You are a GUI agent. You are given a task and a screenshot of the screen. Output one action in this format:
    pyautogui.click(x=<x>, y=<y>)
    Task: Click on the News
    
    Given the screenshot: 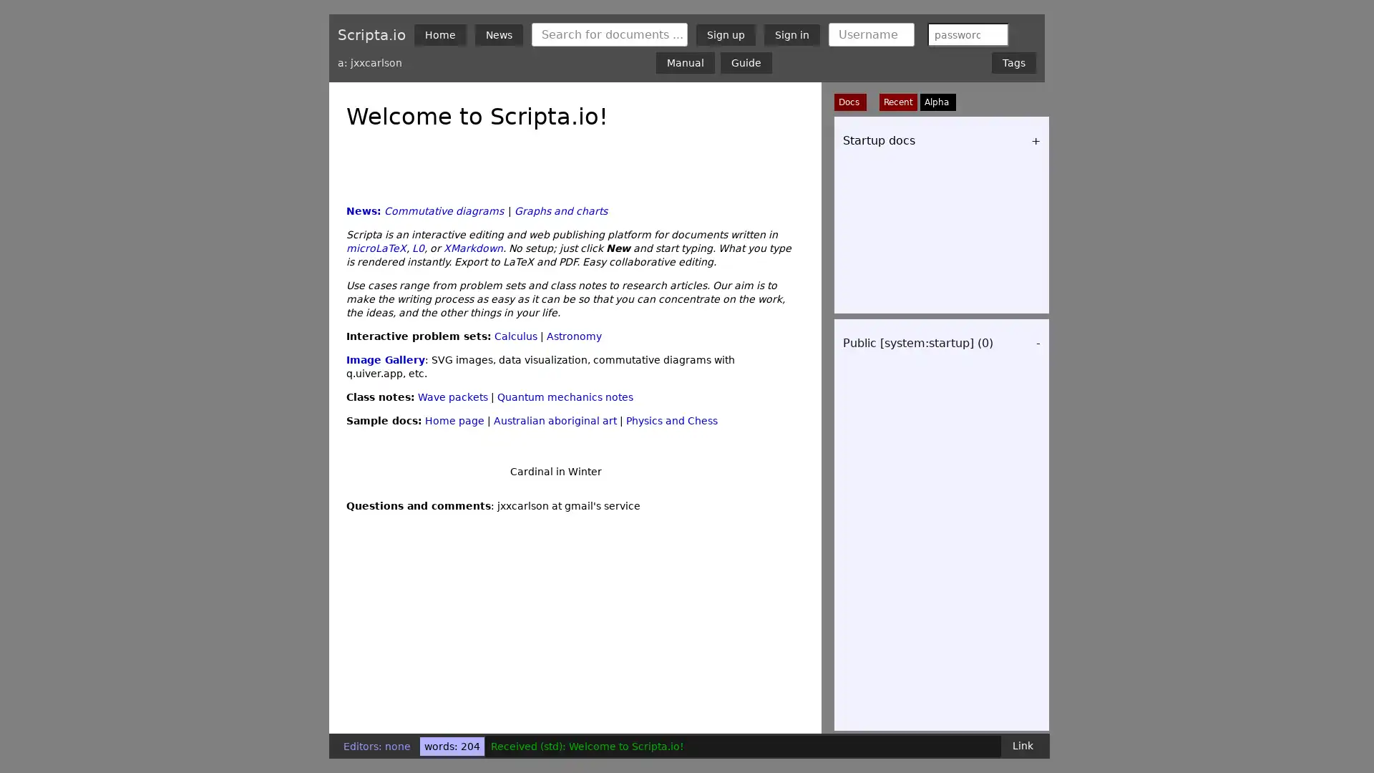 What is the action you would take?
    pyautogui.click(x=499, y=33)
    